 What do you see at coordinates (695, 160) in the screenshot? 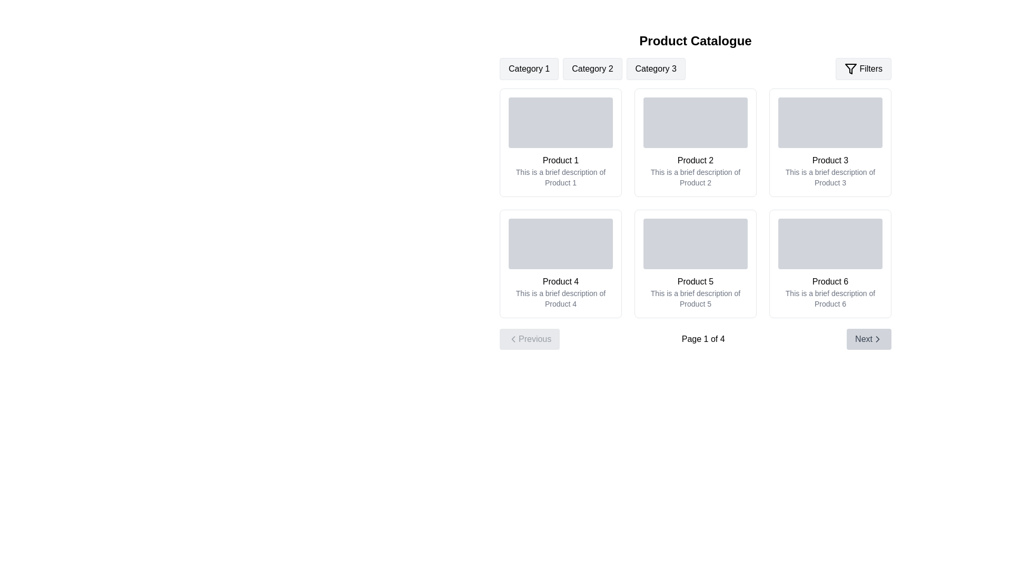
I see `the 'Product 2' text block, which is a medium-sized, bold font element located in the second column of the first row in a grid layout` at bounding box center [695, 160].